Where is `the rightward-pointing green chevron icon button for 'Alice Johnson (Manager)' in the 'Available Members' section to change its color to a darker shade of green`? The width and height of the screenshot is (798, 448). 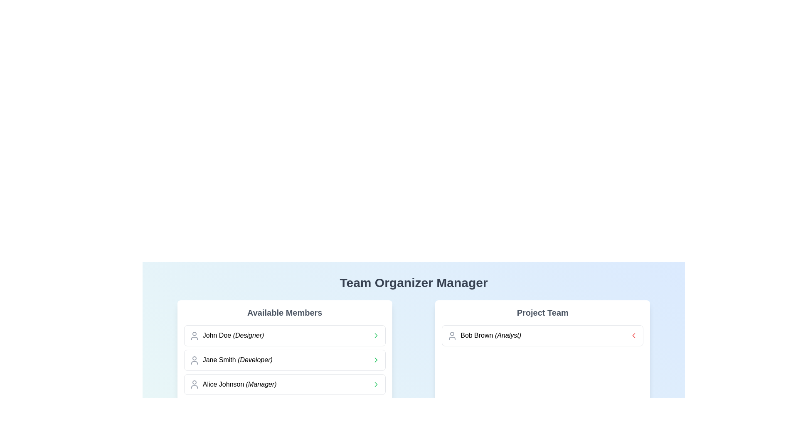 the rightward-pointing green chevron icon button for 'Alice Johnson (Manager)' in the 'Available Members' section to change its color to a darker shade of green is located at coordinates (375, 384).